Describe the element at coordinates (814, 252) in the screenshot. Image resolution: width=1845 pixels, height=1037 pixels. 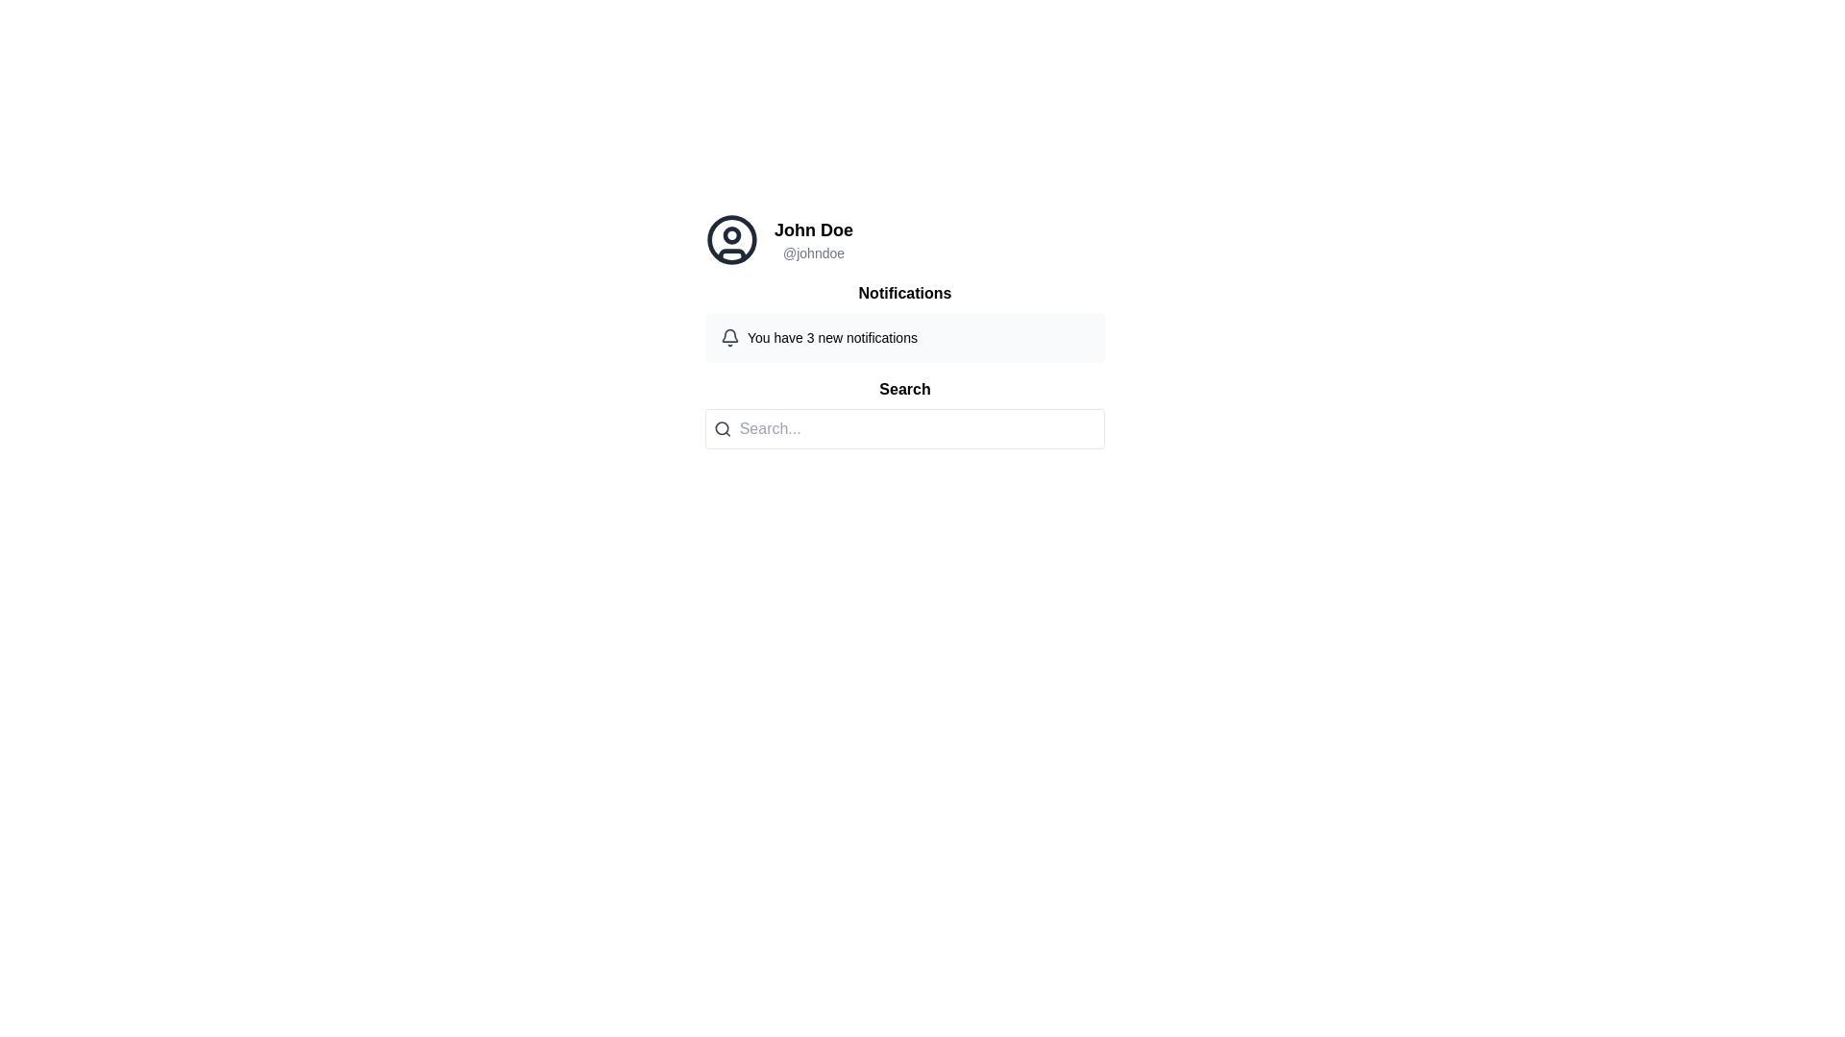
I see `the static text element displaying the username associated with 'John Doe', located directly below the larger 'John Doe' text` at that location.